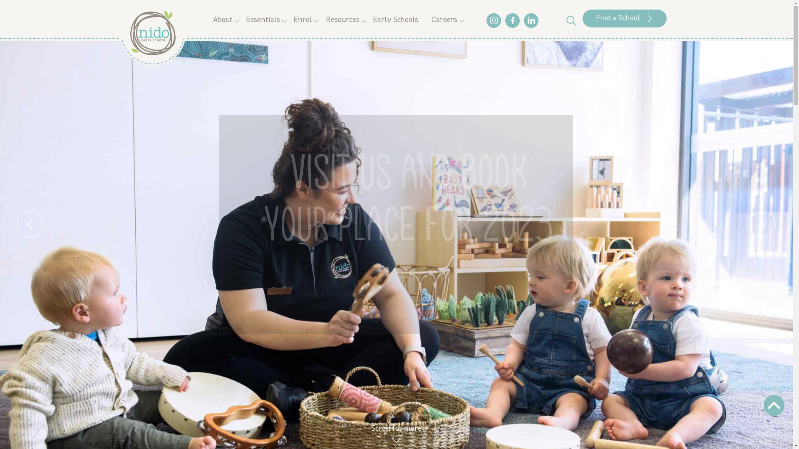 Image resolution: width=799 pixels, height=449 pixels. What do you see at coordinates (444, 20) in the screenshot?
I see `'Careers'` at bounding box center [444, 20].